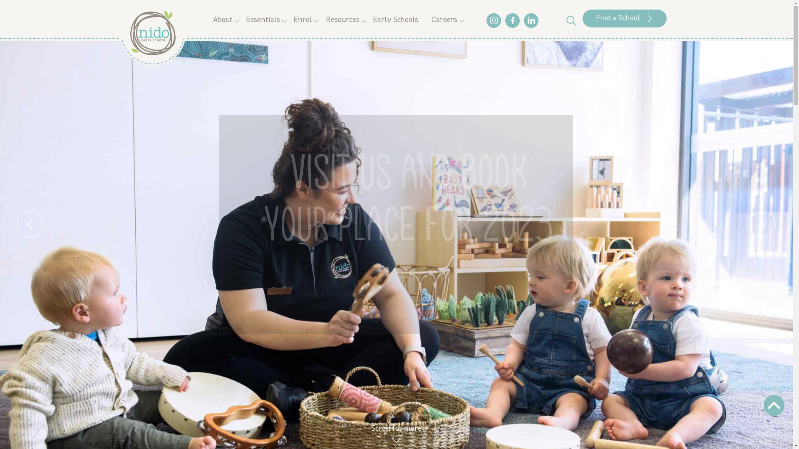 Image resolution: width=799 pixels, height=449 pixels. What do you see at coordinates (444, 20) in the screenshot?
I see `'Careers'` at bounding box center [444, 20].